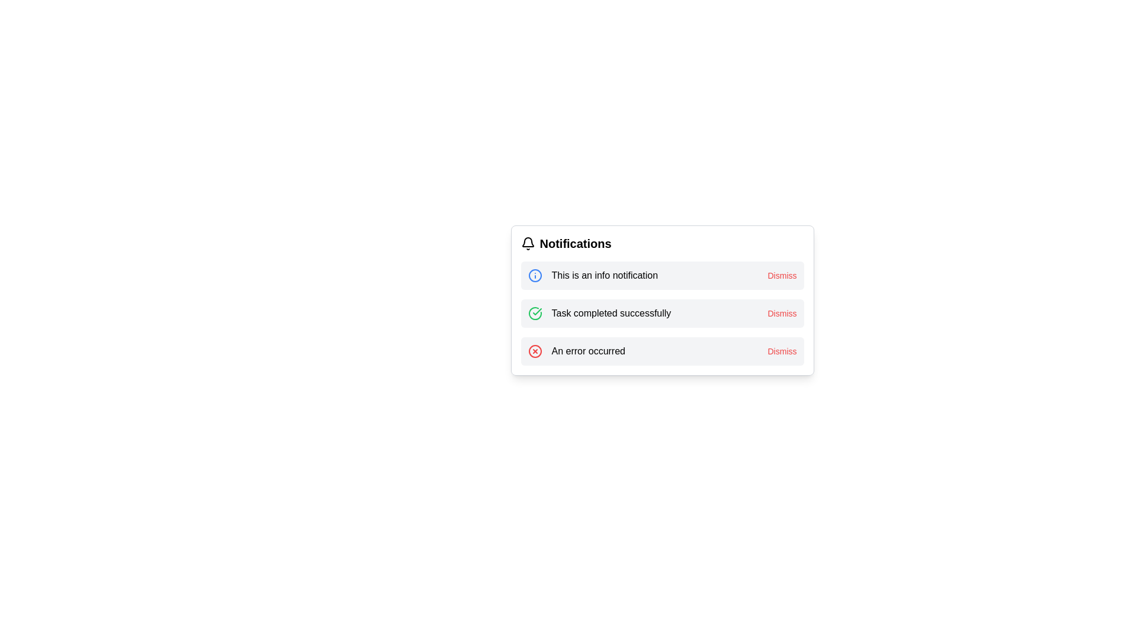 This screenshot has height=639, width=1137. What do you see at coordinates (611, 312) in the screenshot?
I see `the informational text indicating successful task completion, located in the notification row between a green checkmark icon and a red 'Dismiss' button` at bounding box center [611, 312].